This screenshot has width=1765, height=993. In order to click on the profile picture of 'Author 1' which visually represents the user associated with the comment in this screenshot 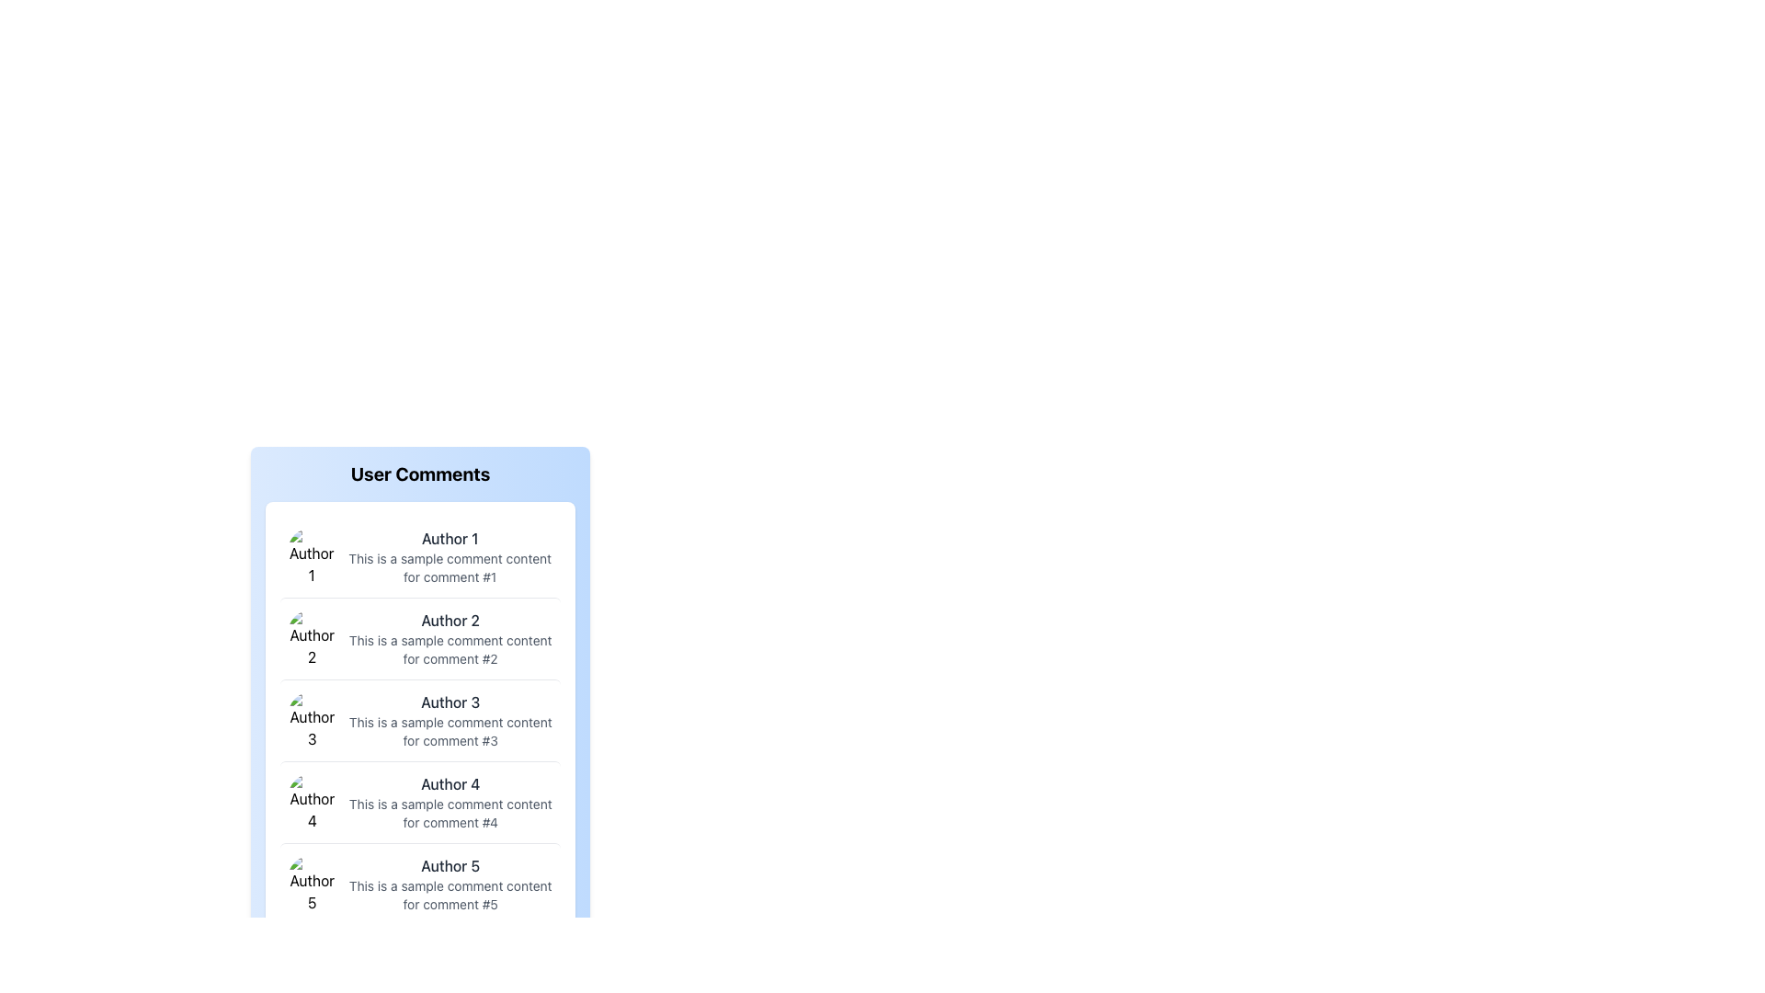, I will do `click(312, 555)`.